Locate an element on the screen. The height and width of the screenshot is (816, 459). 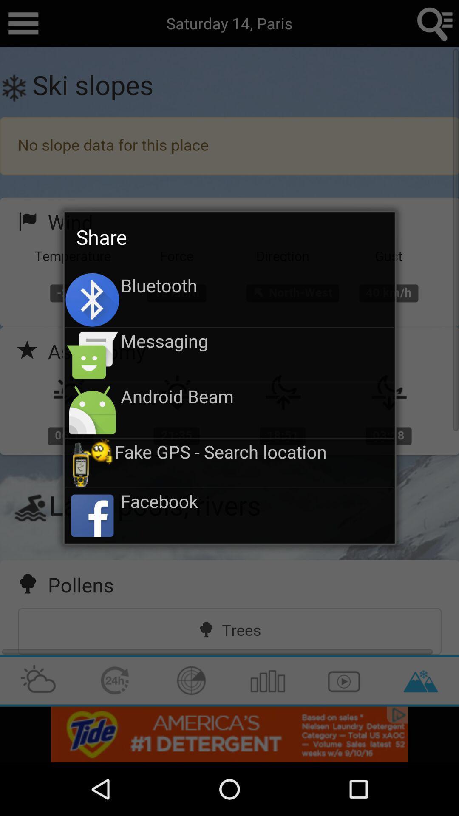
the fake gps search is located at coordinates (254, 451).